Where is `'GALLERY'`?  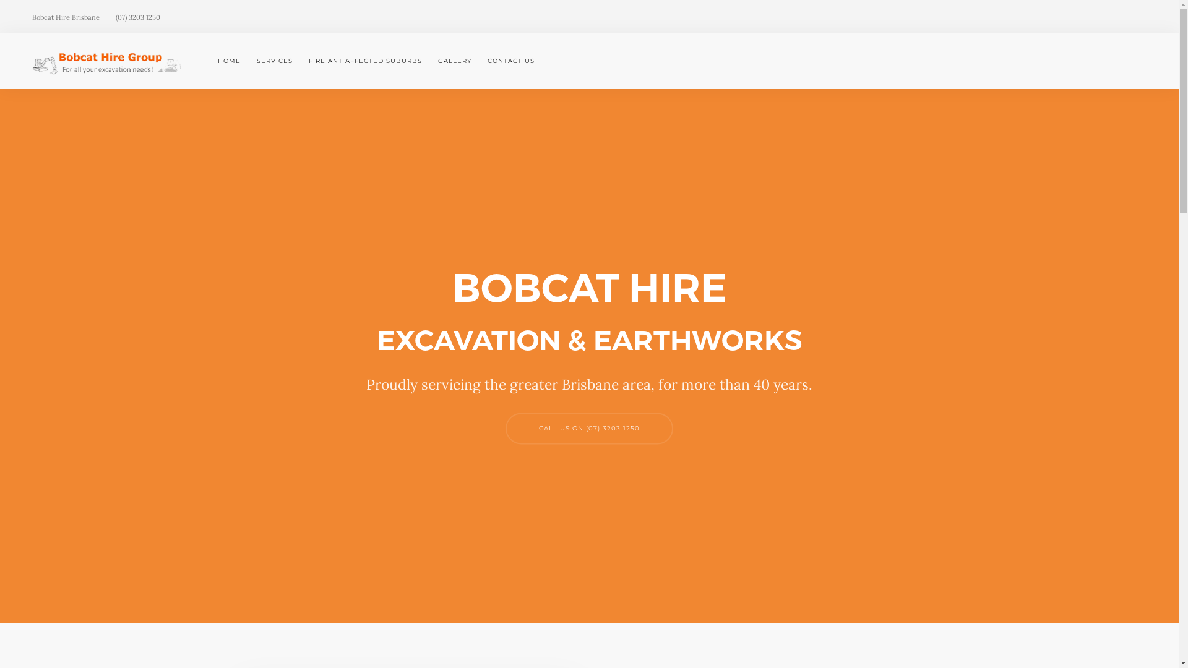 'GALLERY' is located at coordinates (430, 61).